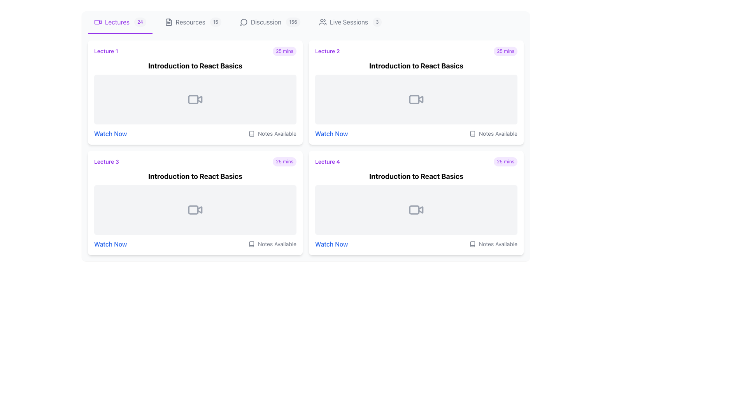 This screenshot has width=747, height=420. Describe the element at coordinates (420, 99) in the screenshot. I see `the triangular play icon located in the upper-right grid slot of the second lecture card (Lecture 2)` at that location.